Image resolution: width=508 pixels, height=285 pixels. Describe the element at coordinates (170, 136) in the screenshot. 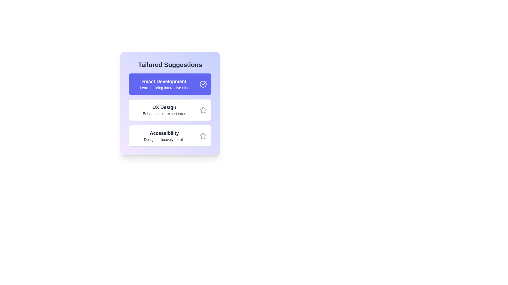

I see `the suggestion item Accessibility` at that location.